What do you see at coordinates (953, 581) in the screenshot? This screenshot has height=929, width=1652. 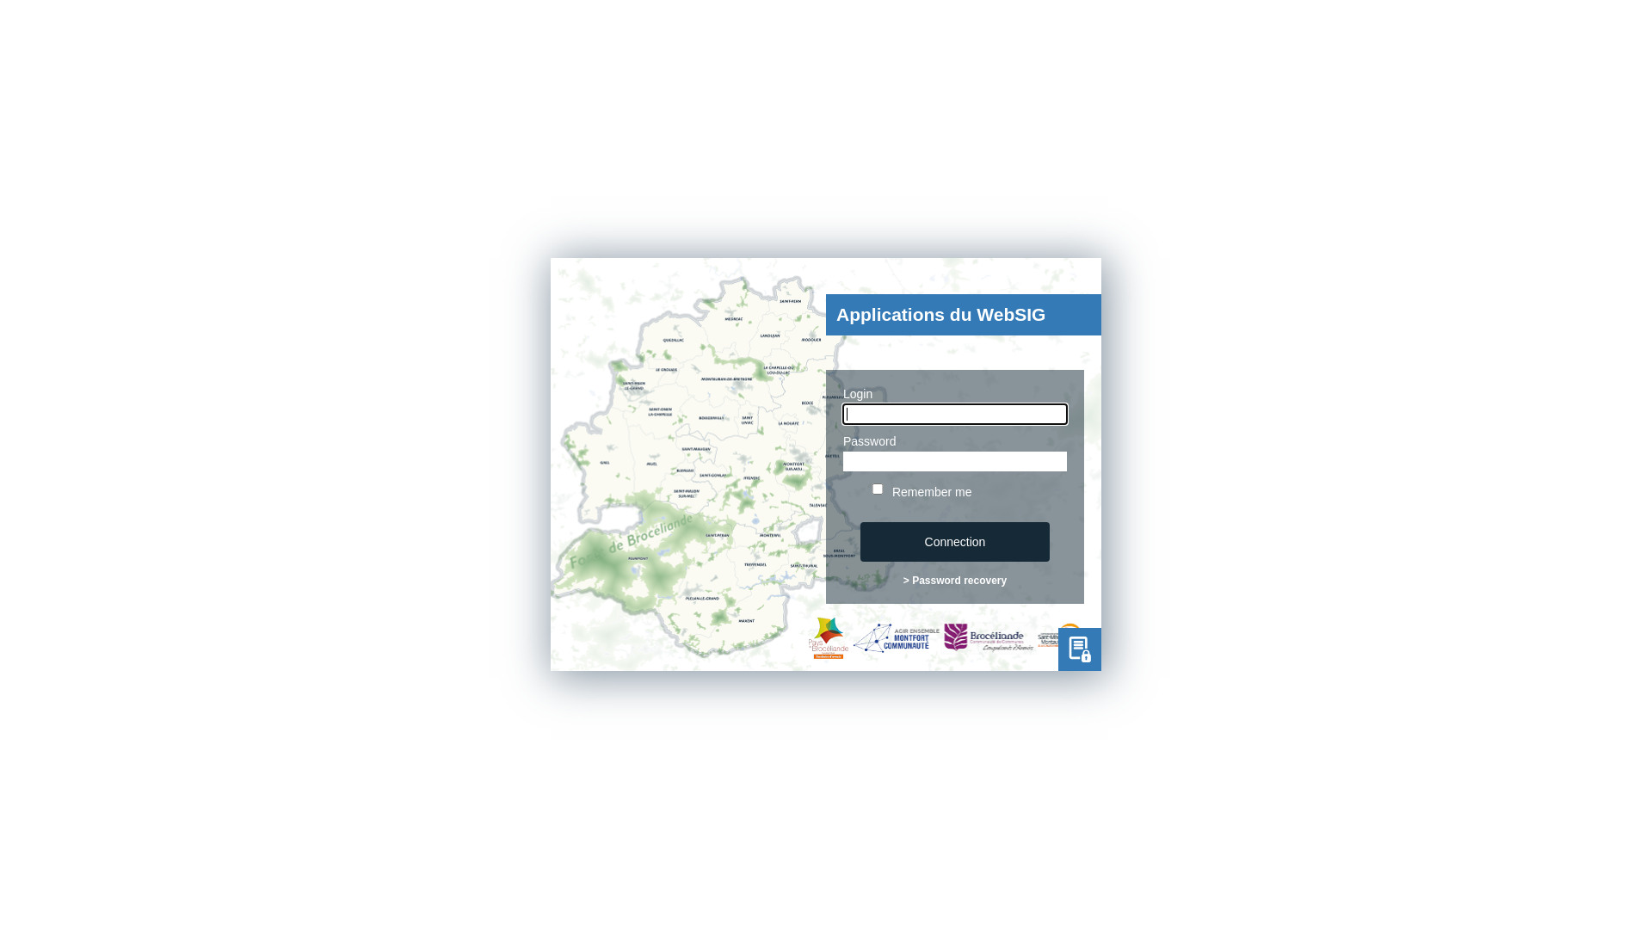 I see `'> Password recovery'` at bounding box center [953, 581].